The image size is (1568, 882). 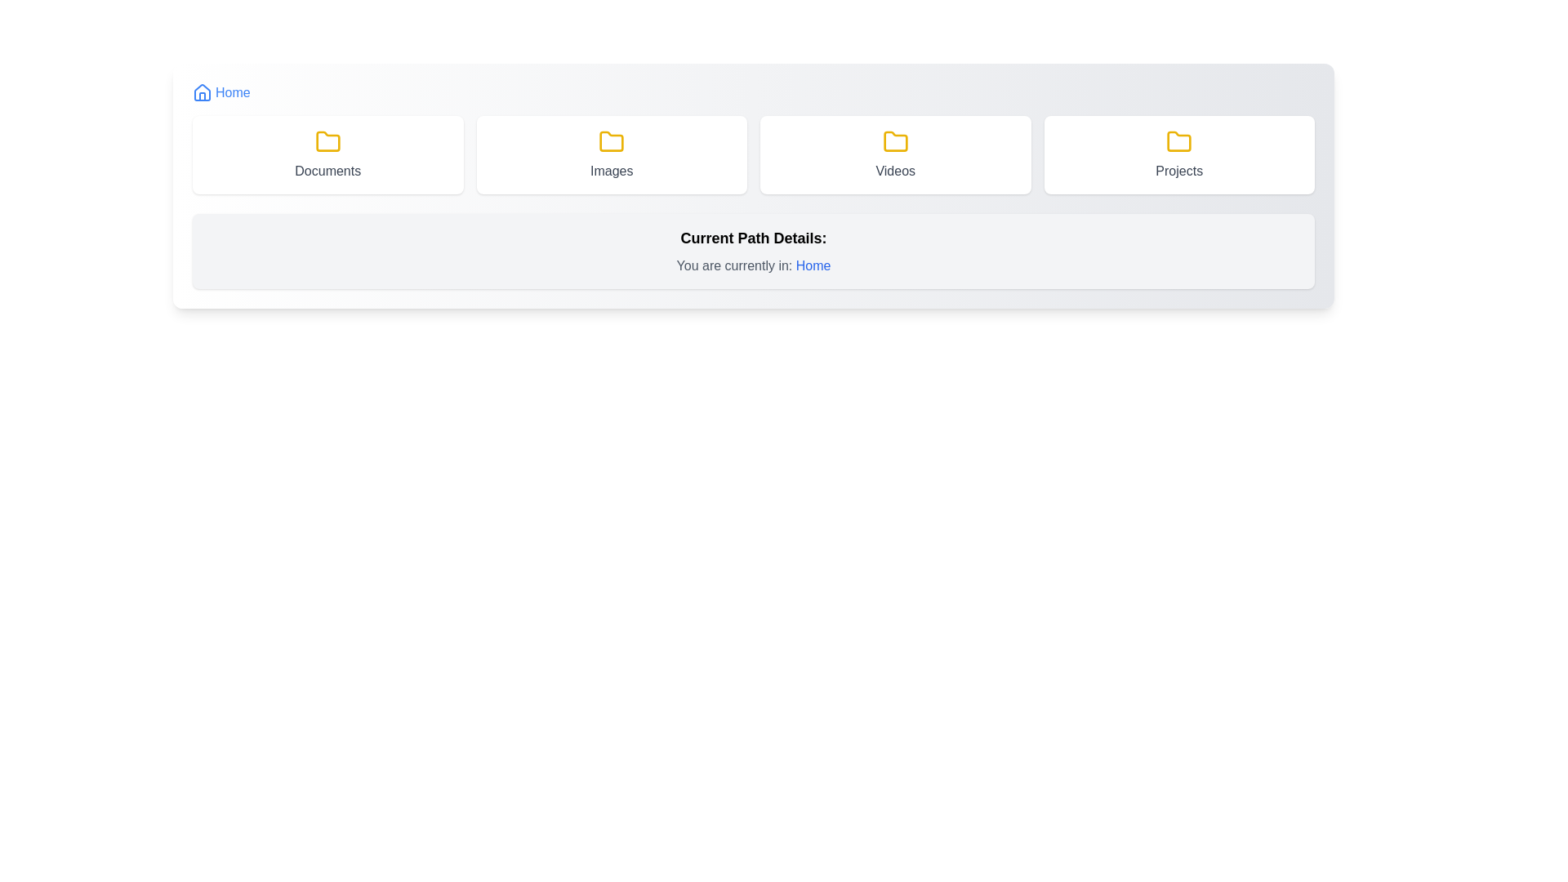 What do you see at coordinates (611, 171) in the screenshot?
I see `the static text label displaying the word 'Images', which is styled in gray font and located beneath a folder icon on the second card in a row of four cards` at bounding box center [611, 171].